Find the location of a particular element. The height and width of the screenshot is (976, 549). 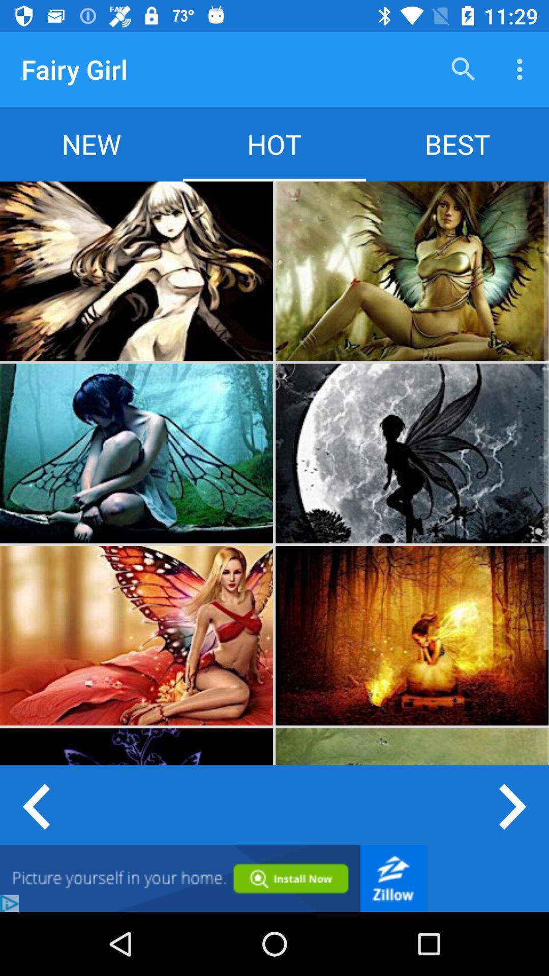

the item above best item is located at coordinates (463, 69).